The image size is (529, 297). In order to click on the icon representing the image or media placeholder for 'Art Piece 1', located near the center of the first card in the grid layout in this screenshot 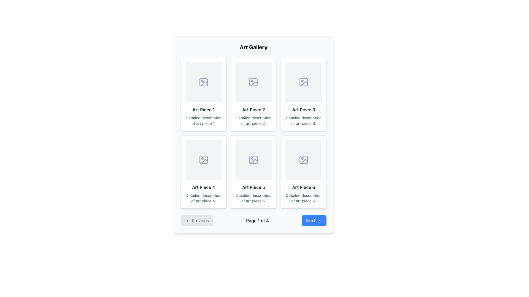, I will do `click(203, 82)`.